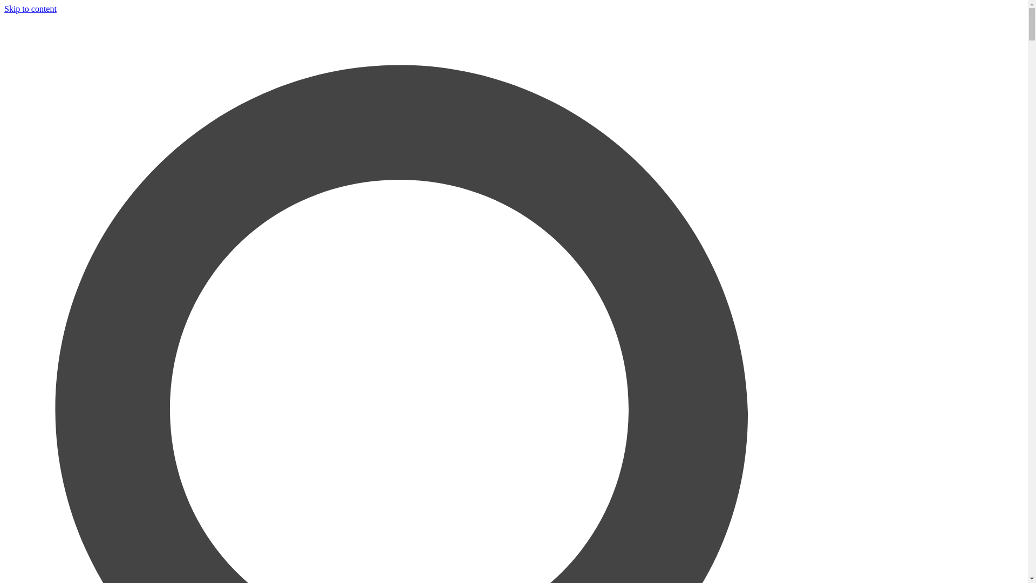 This screenshot has height=583, width=1036. I want to click on 'Skip to content', so click(30, 9).